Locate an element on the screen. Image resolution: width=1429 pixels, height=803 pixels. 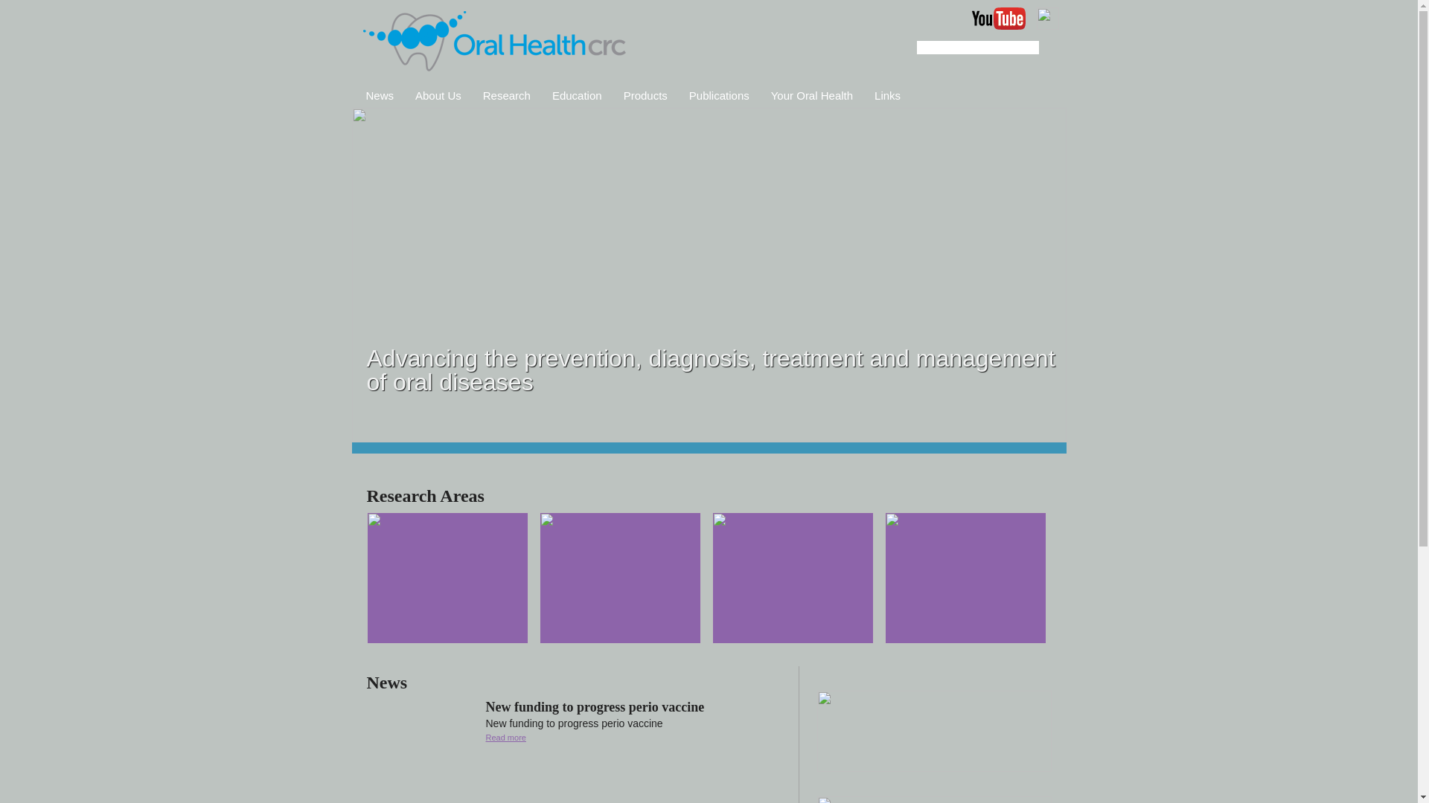
'Enter the terms you wish to search for.' is located at coordinates (978, 47).